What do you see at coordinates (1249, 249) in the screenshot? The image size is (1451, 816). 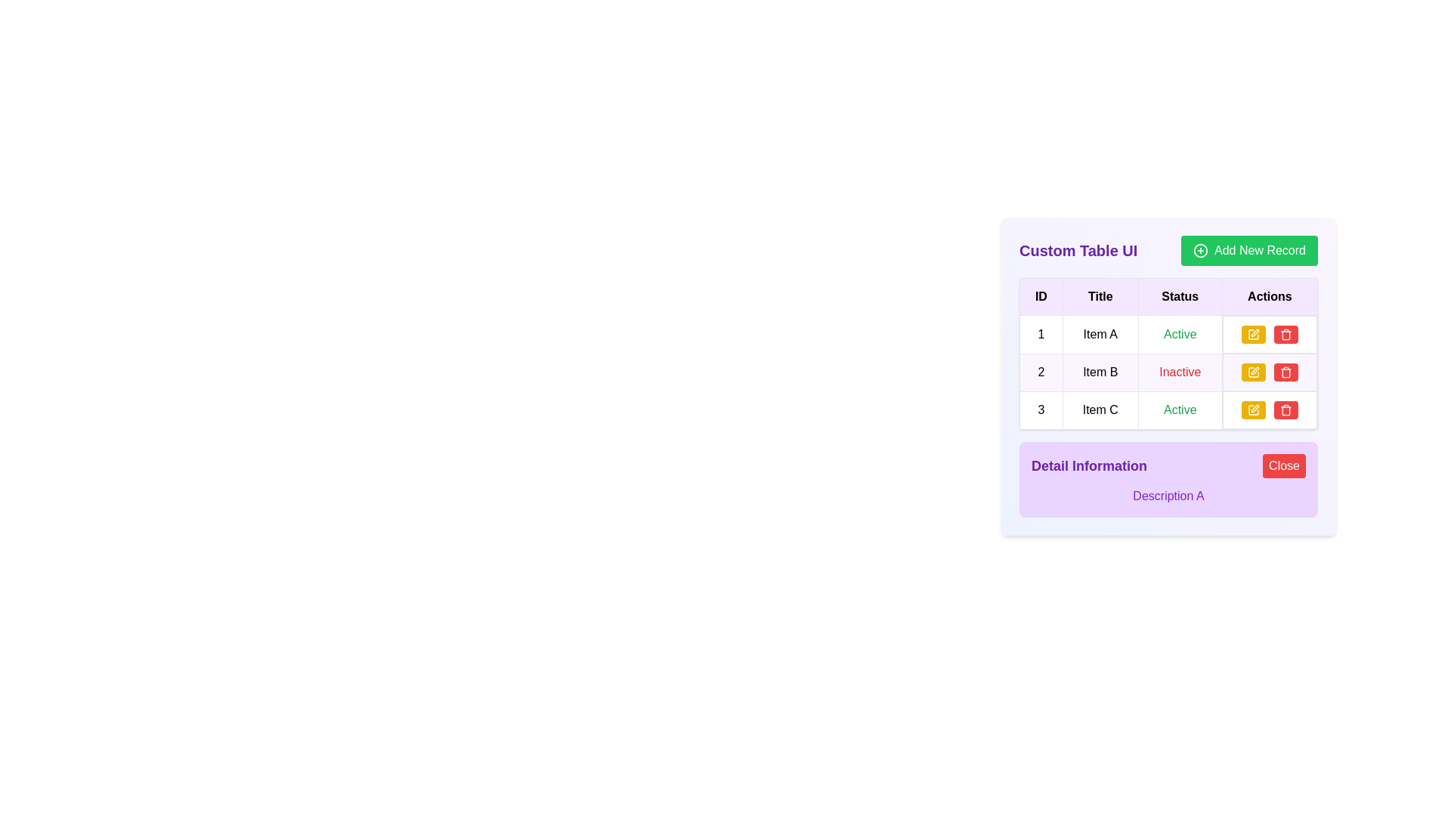 I see `the 'Add New Record' button located in the upper-right corner of the 'Custom Table UI' section` at bounding box center [1249, 249].